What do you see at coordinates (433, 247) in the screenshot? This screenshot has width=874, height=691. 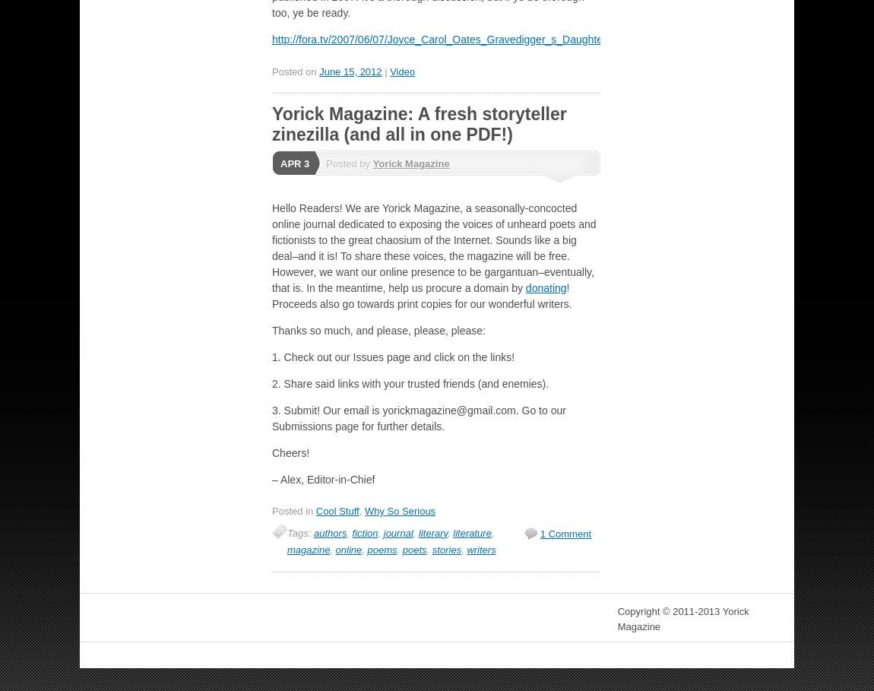 I see `'Hello Readers! We are Yorick Magazine, a seasonally-concocted online journal dedicated to exposing the voices of unheard poets and fictionists to the great chaosium of the Internet. Sounds like a big deal–and it is! To share these voices, the magazine will be free. However, we want our online presence to be gargantuan–eventually, that is. In the meantime, help us procure a domain by'` at bounding box center [433, 247].